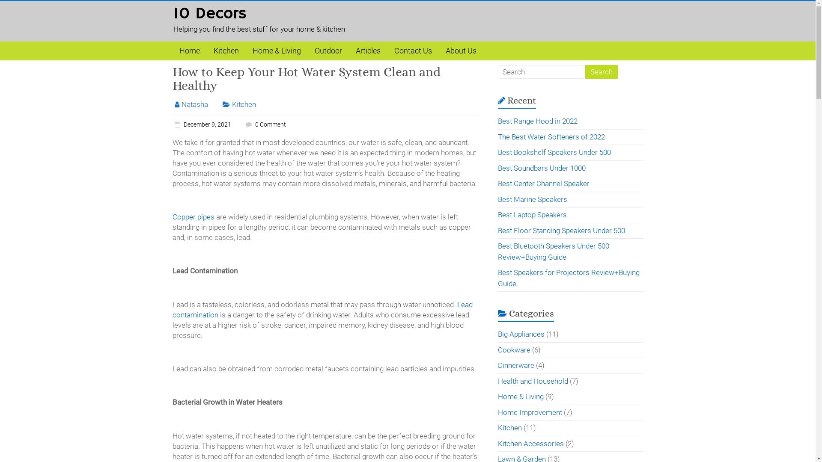  What do you see at coordinates (537, 121) in the screenshot?
I see `'Best Range Hood in 2022'` at bounding box center [537, 121].